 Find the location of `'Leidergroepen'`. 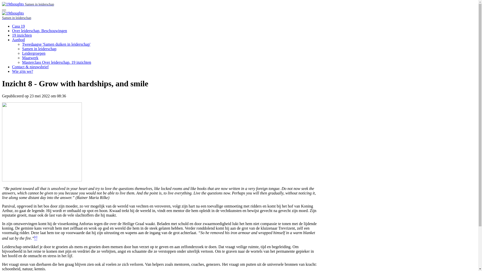

'Leidergroepen' is located at coordinates (33, 53).